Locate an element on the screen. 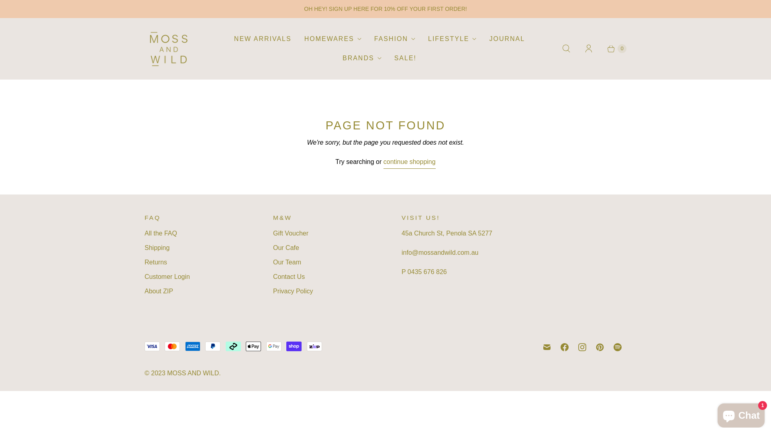  'Privacy Policy' is located at coordinates (273, 291).